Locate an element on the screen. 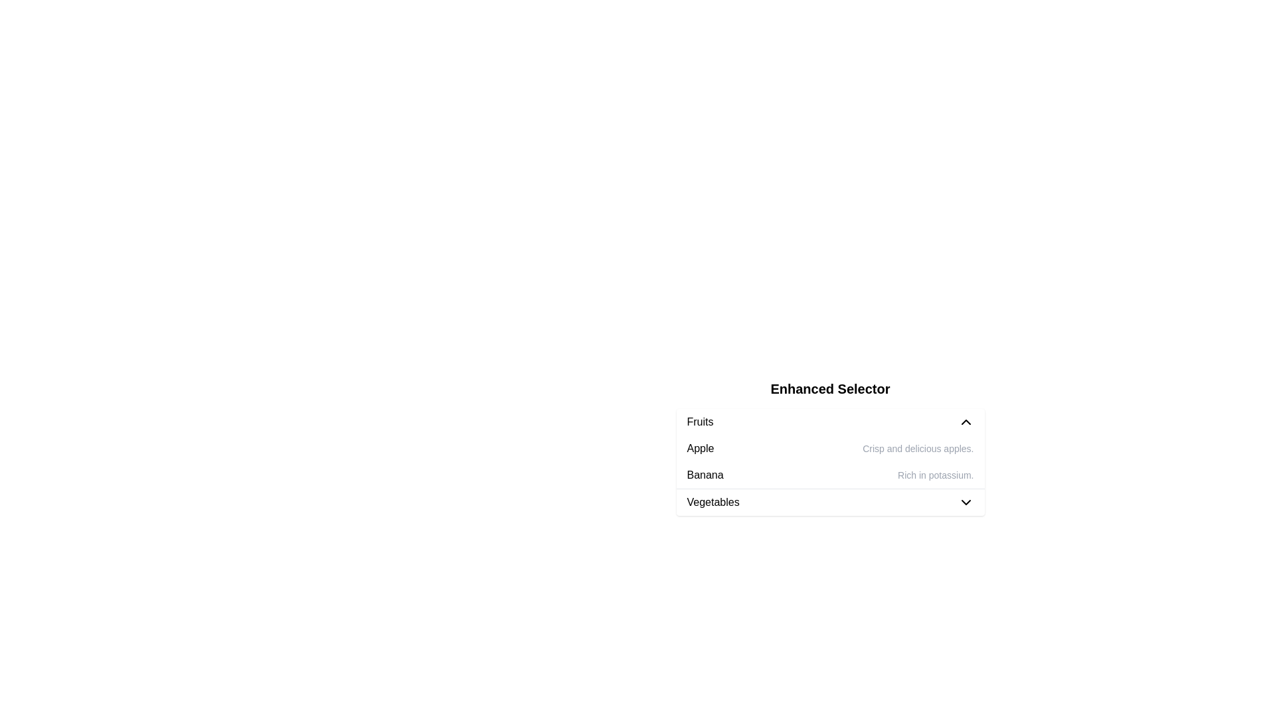 The height and width of the screenshot is (717, 1275). the MenuListItem that describes 'Banana' is located at coordinates (829, 475).